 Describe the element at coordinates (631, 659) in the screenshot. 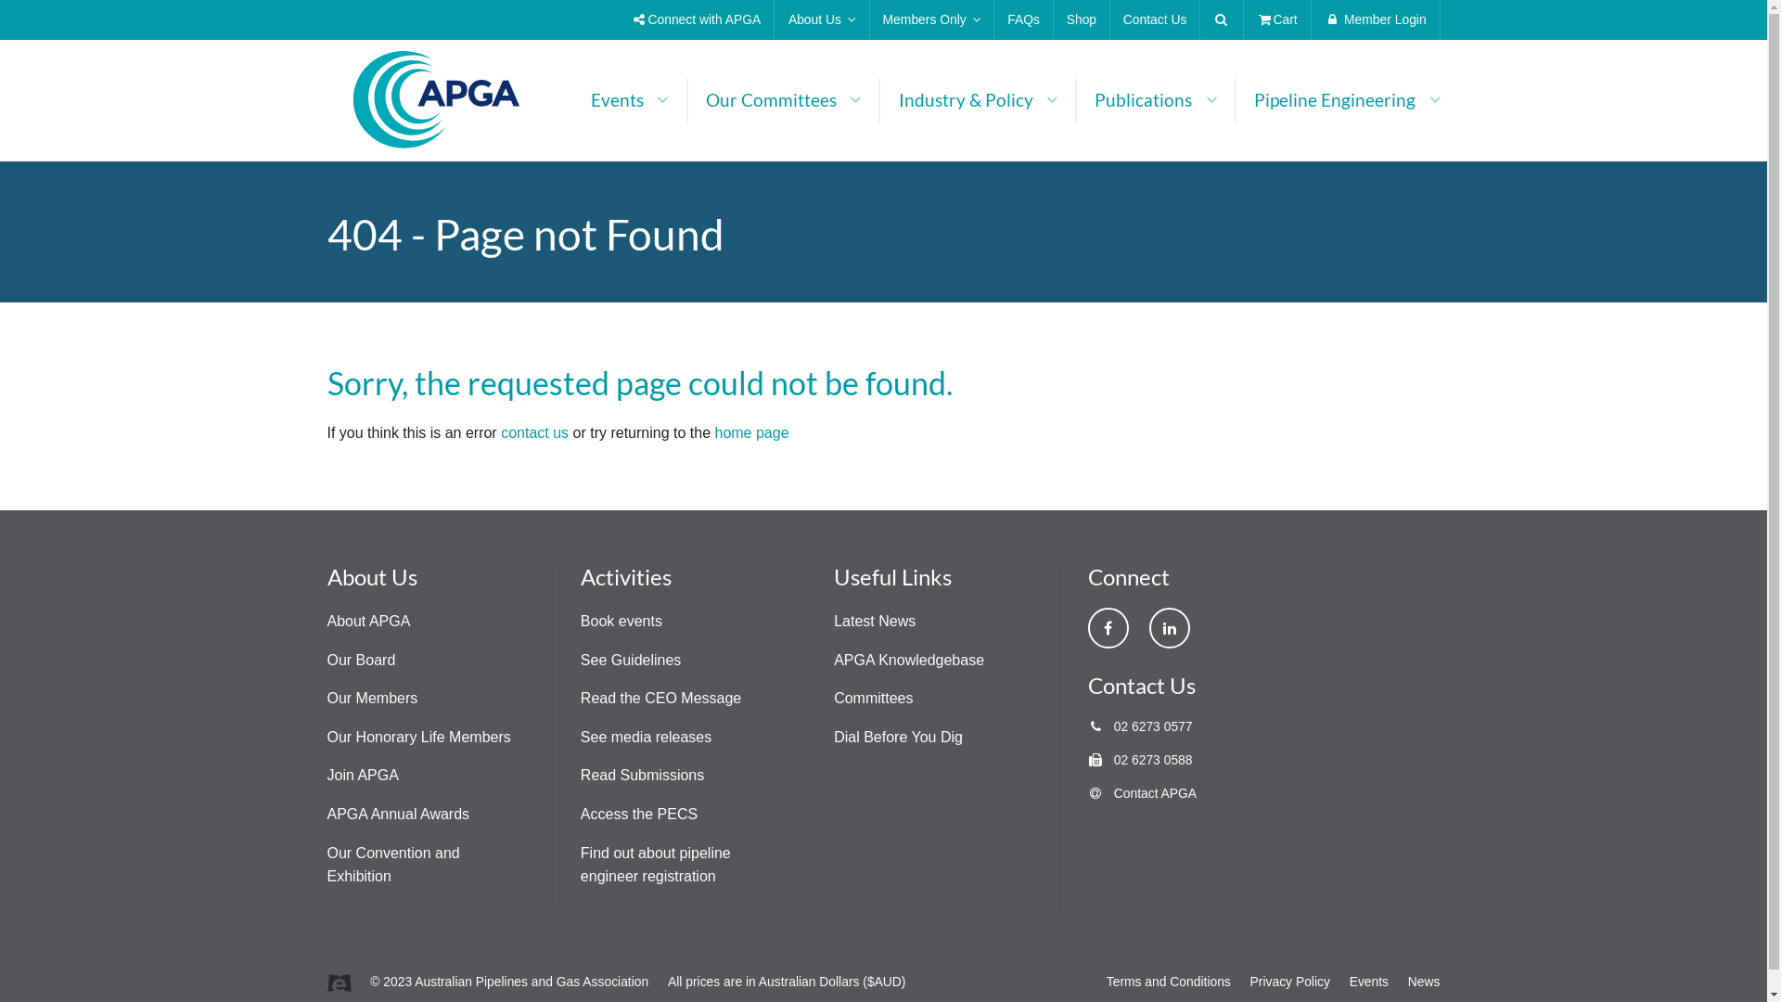

I see `'See Guidelines'` at that location.